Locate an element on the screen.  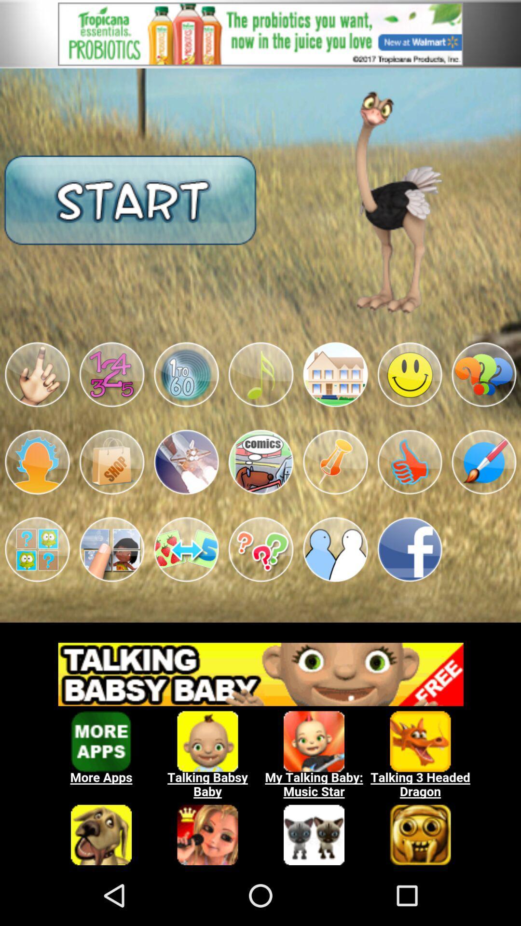
the help icon is located at coordinates (484, 401).